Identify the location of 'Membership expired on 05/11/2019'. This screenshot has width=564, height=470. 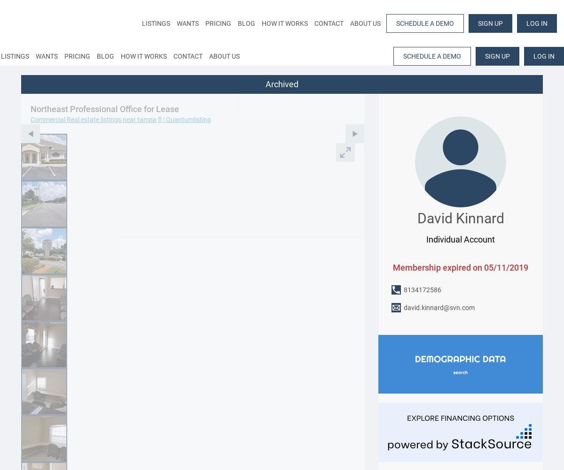
(461, 267).